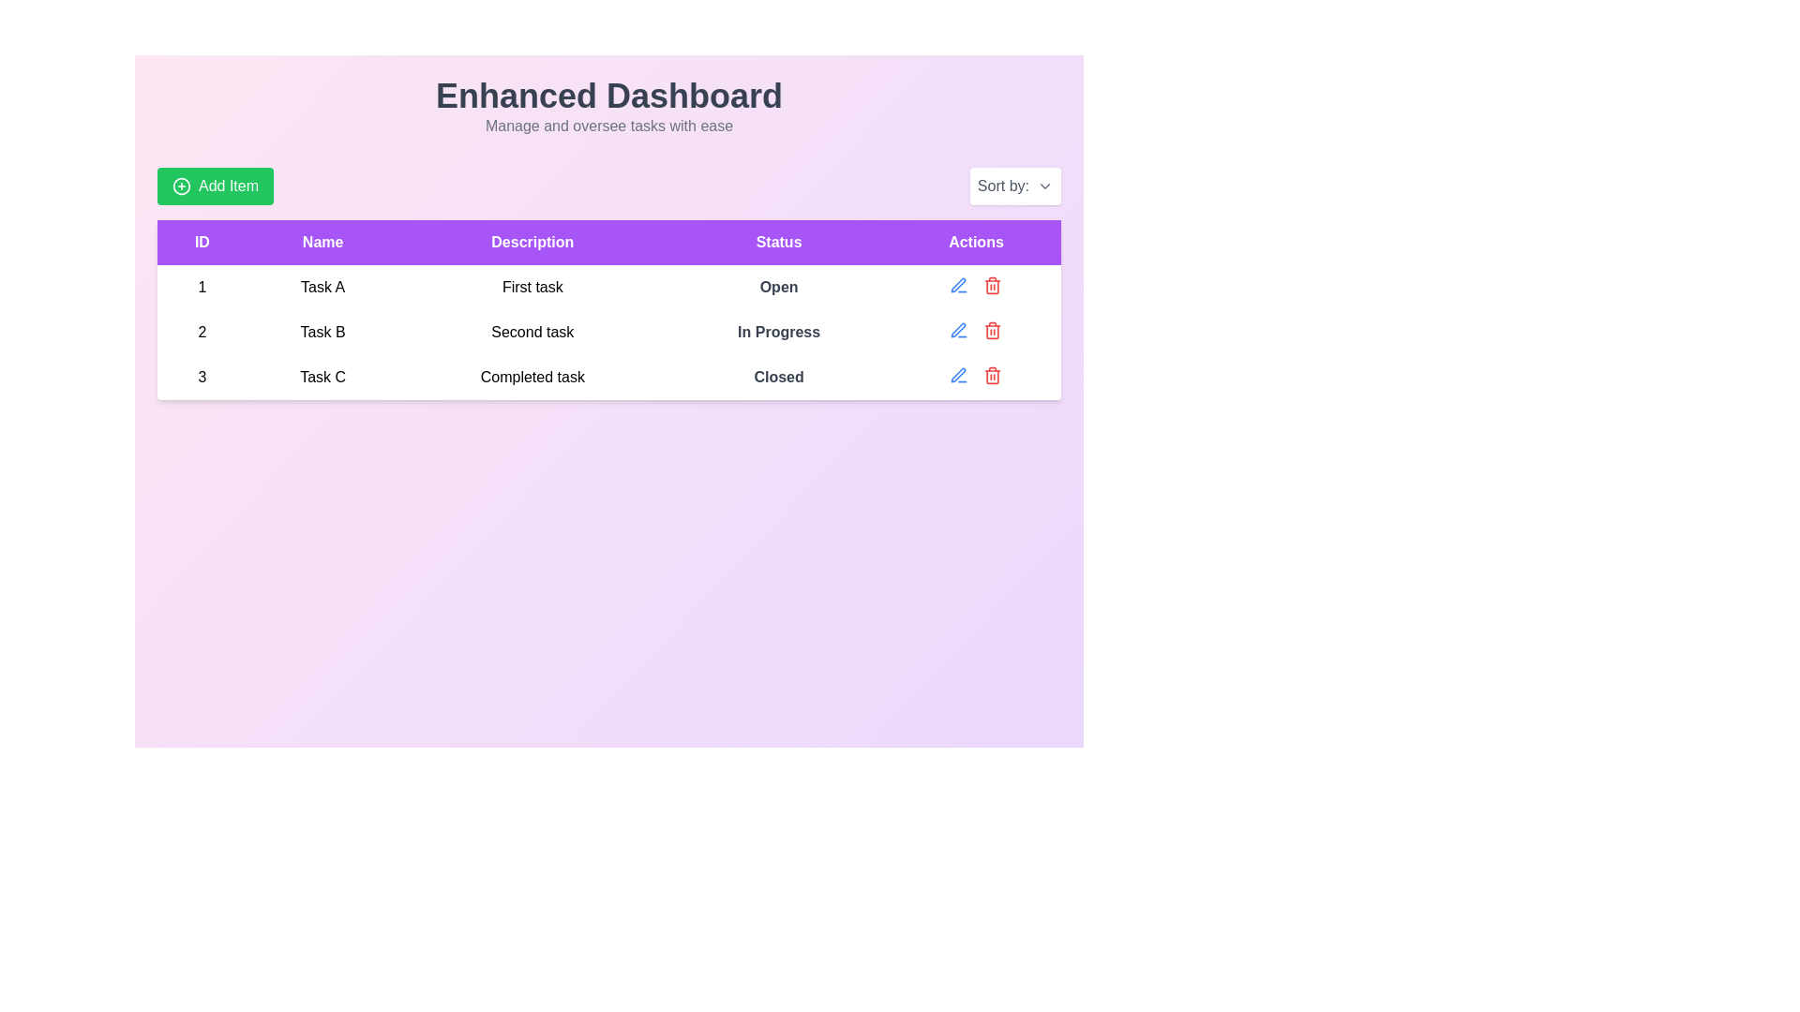 This screenshot has height=1012, width=1800. Describe the element at coordinates (216, 186) in the screenshot. I see `the green 'Add Item' button with a circular plus icon` at that location.